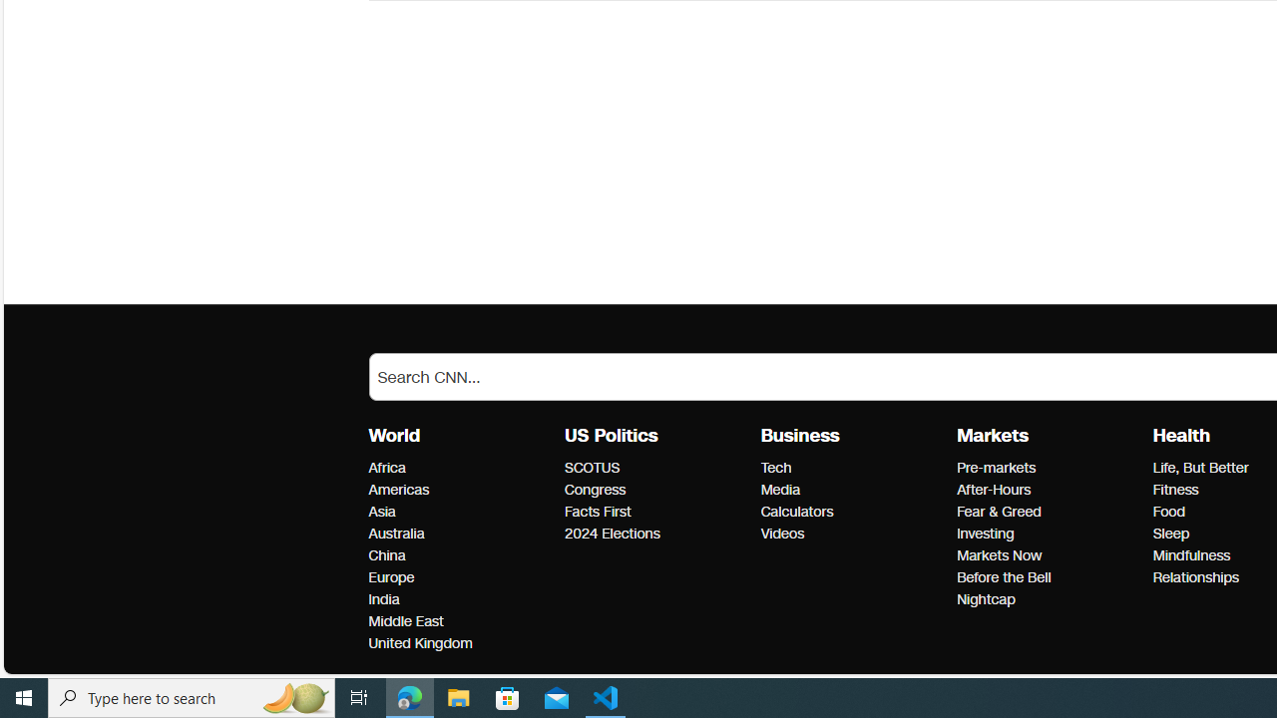  What do you see at coordinates (1191, 555) in the screenshot?
I see `'Health Mindfulness'` at bounding box center [1191, 555].